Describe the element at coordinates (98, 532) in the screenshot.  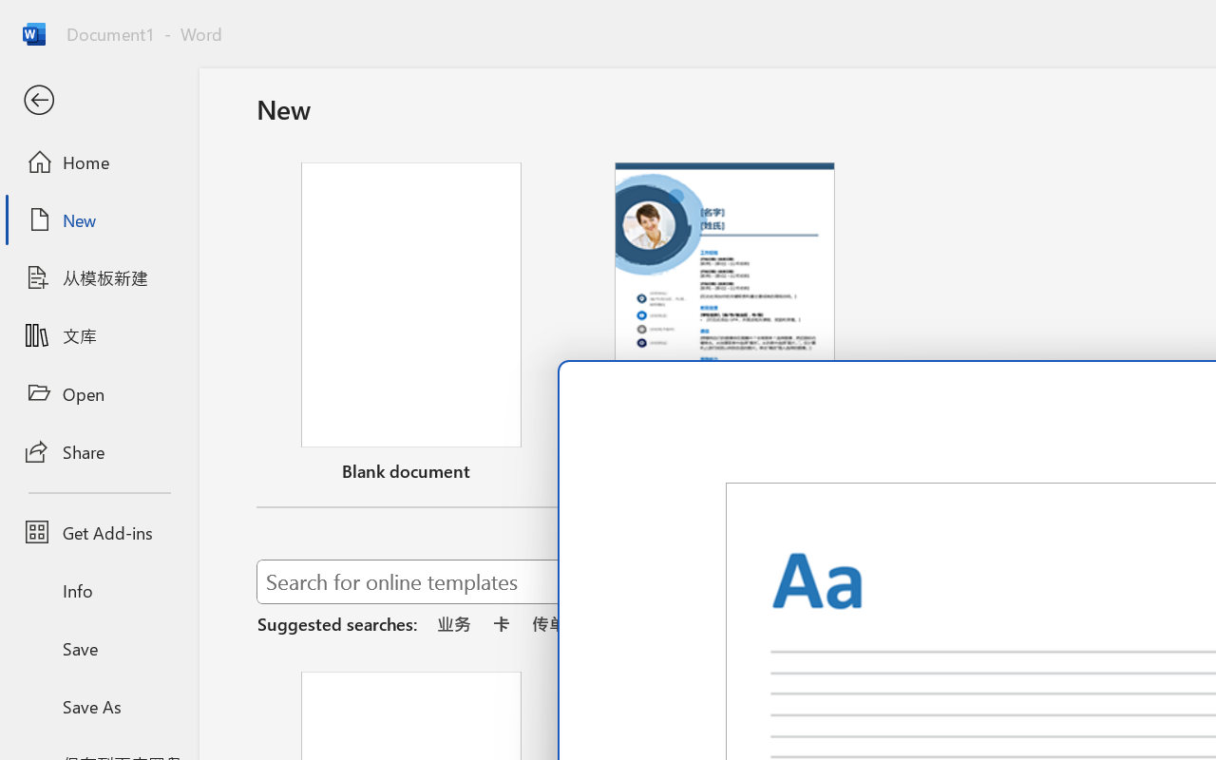
I see `'Get Add-ins'` at that location.